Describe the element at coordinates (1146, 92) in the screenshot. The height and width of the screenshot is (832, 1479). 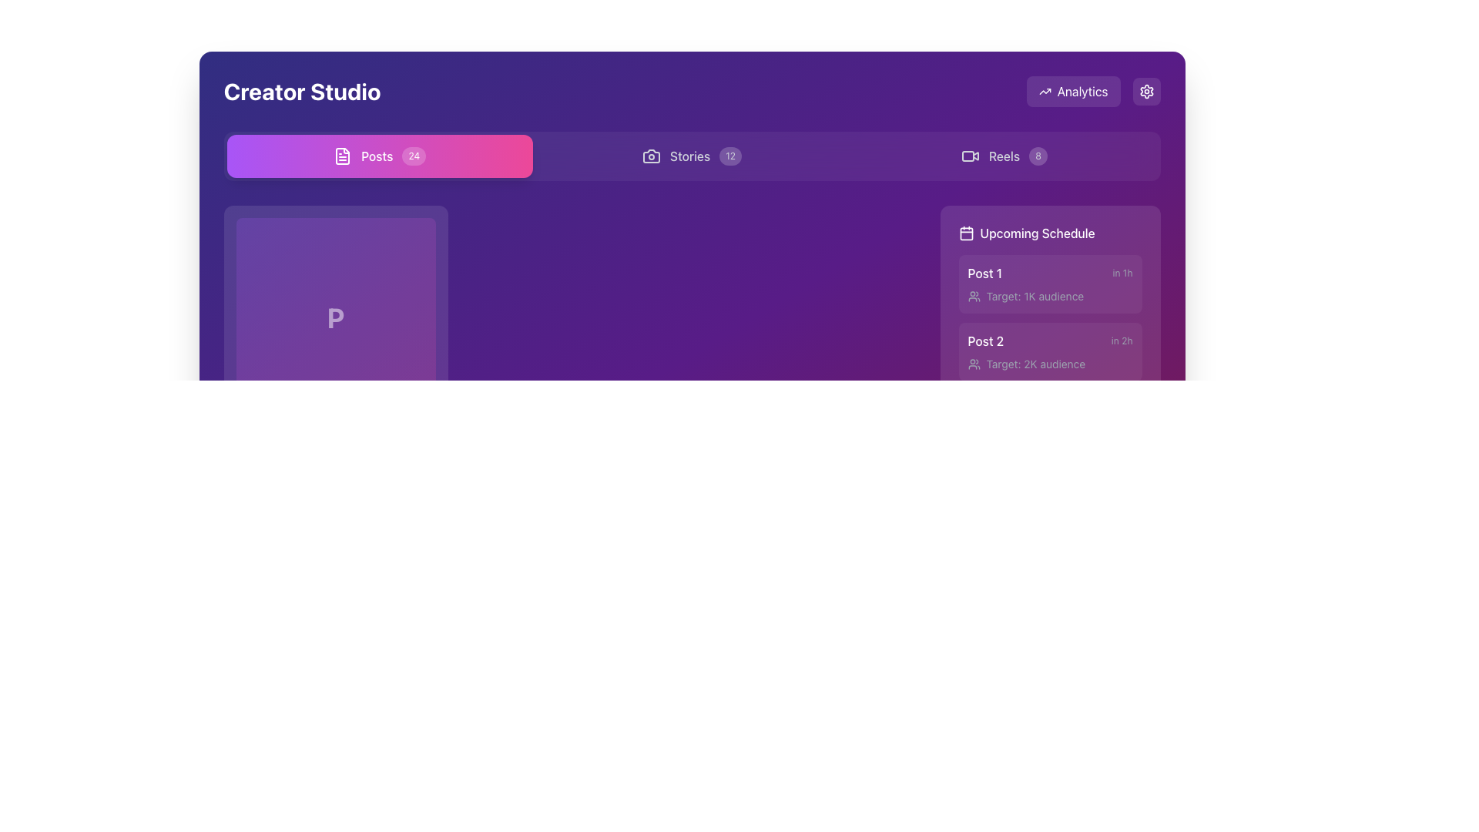
I see `the small gear-like icon button with SVG rendering located in the top-right corner of the interface` at that location.